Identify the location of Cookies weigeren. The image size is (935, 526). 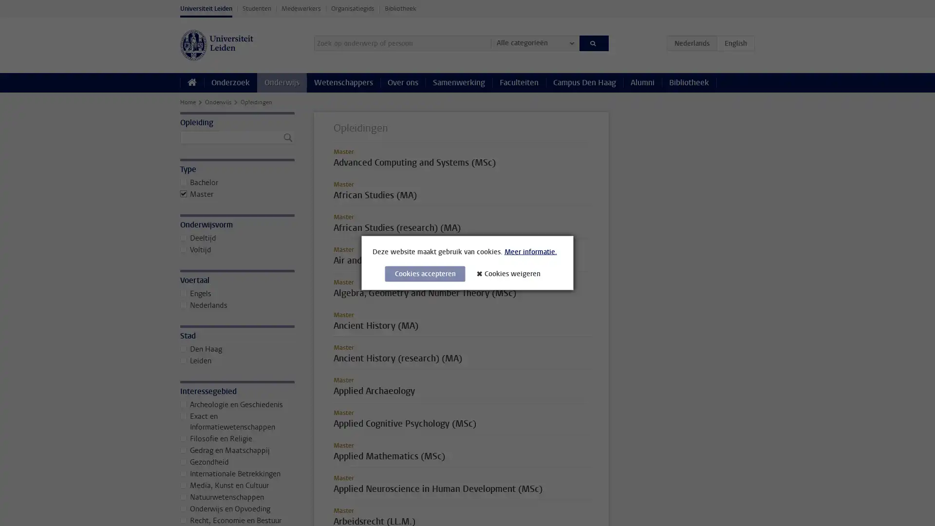
(511, 273).